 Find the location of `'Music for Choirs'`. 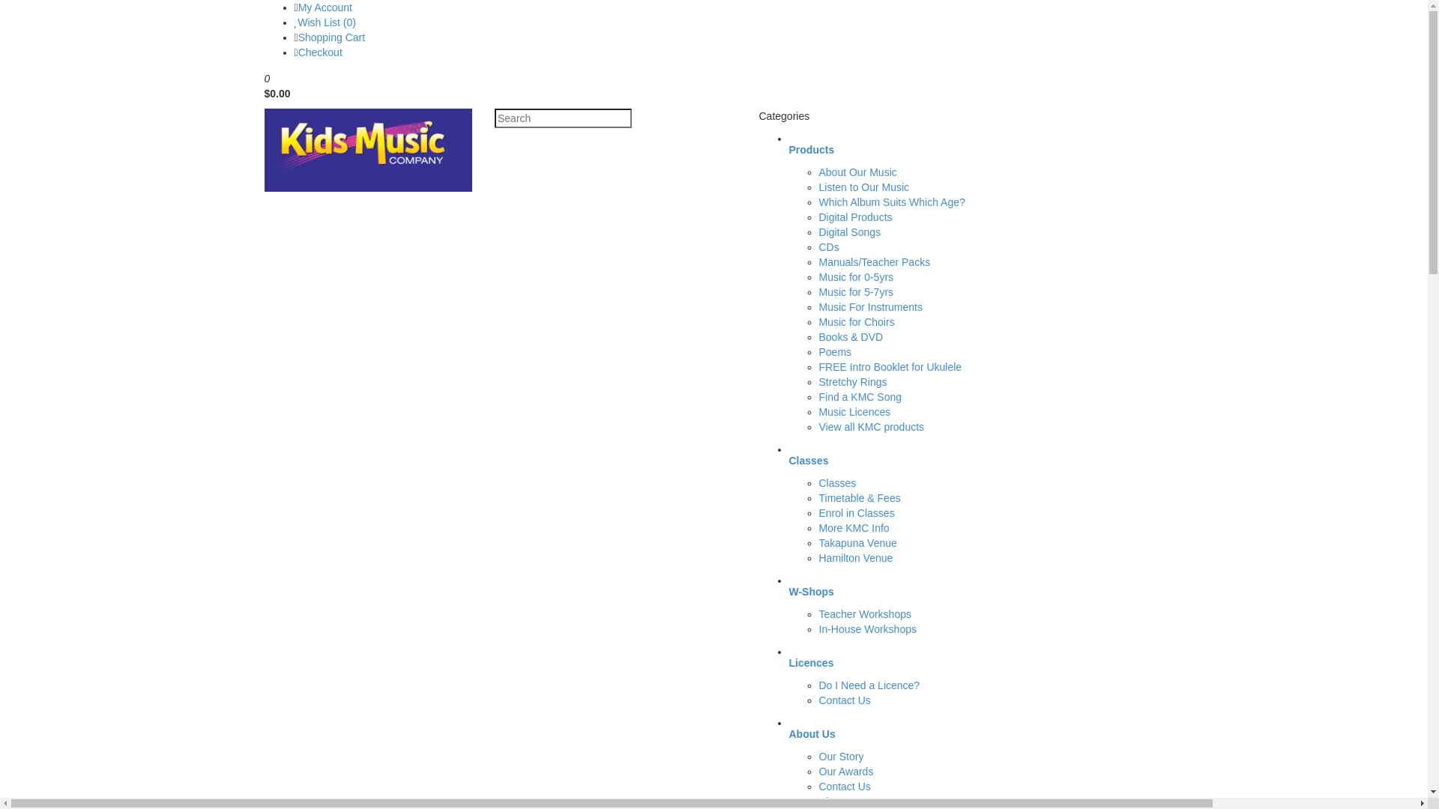

'Music for Choirs' is located at coordinates (856, 321).